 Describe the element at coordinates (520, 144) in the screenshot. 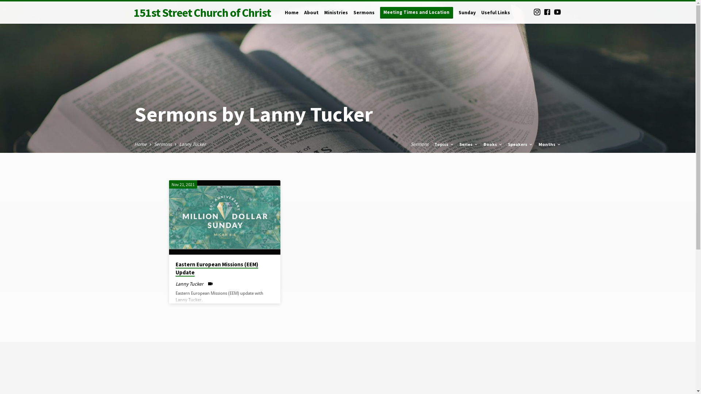

I see `'Speakers'` at that location.